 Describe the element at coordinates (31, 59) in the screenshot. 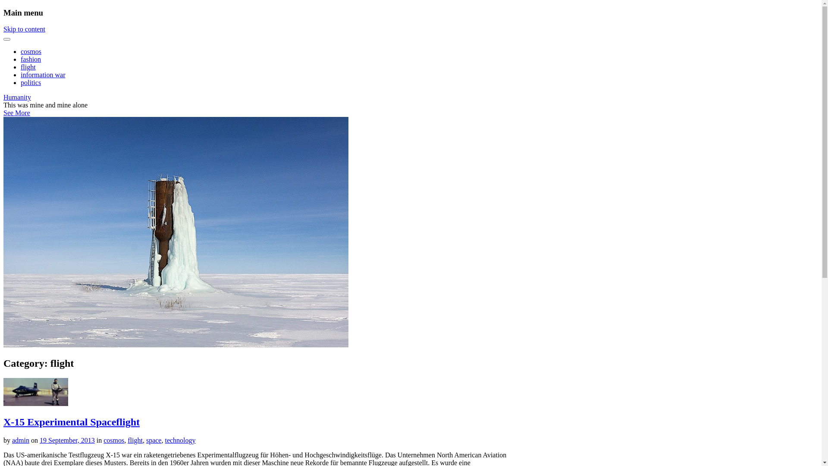

I see `'fashion'` at that location.